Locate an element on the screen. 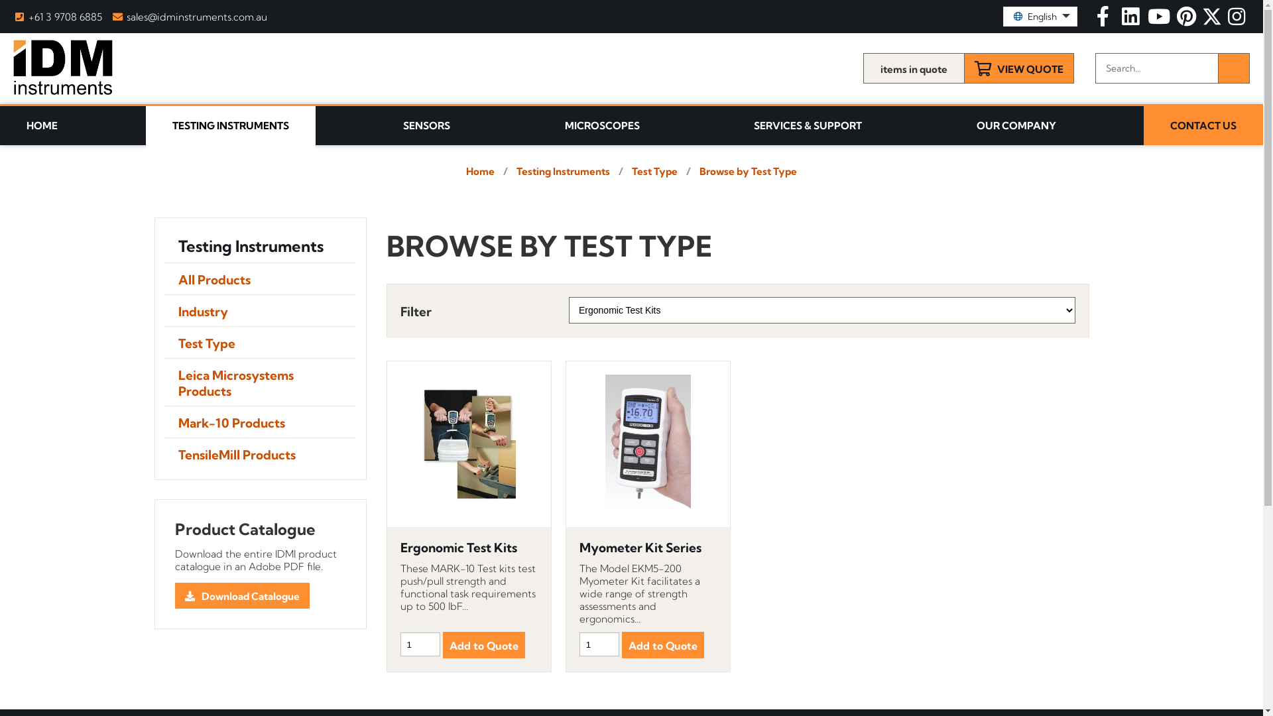  'VIEW QUOTE' is located at coordinates (1018, 68).